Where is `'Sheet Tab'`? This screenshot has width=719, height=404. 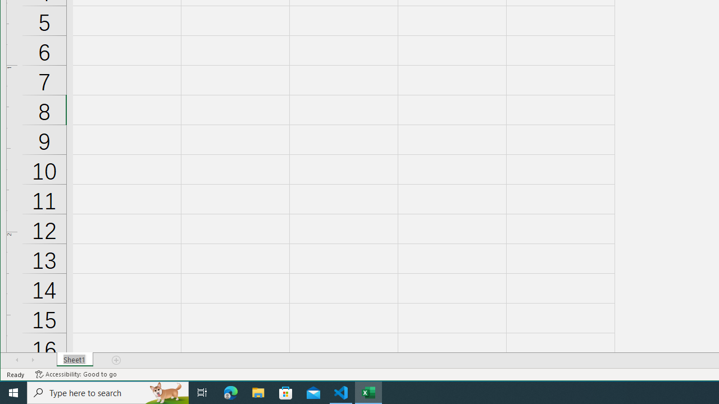
'Sheet Tab' is located at coordinates (74, 360).